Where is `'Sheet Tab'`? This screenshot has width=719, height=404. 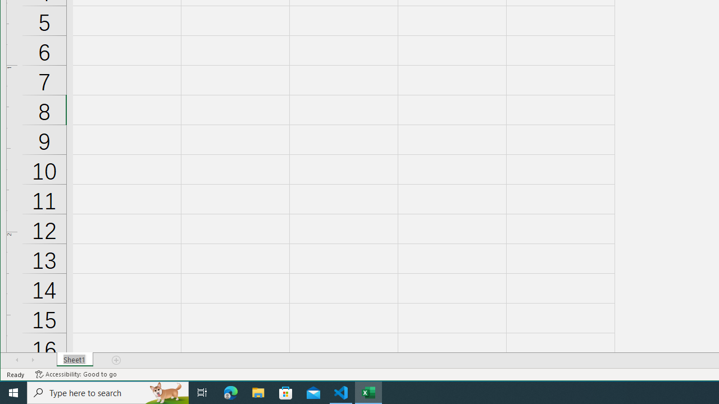
'Sheet Tab' is located at coordinates (74, 360).